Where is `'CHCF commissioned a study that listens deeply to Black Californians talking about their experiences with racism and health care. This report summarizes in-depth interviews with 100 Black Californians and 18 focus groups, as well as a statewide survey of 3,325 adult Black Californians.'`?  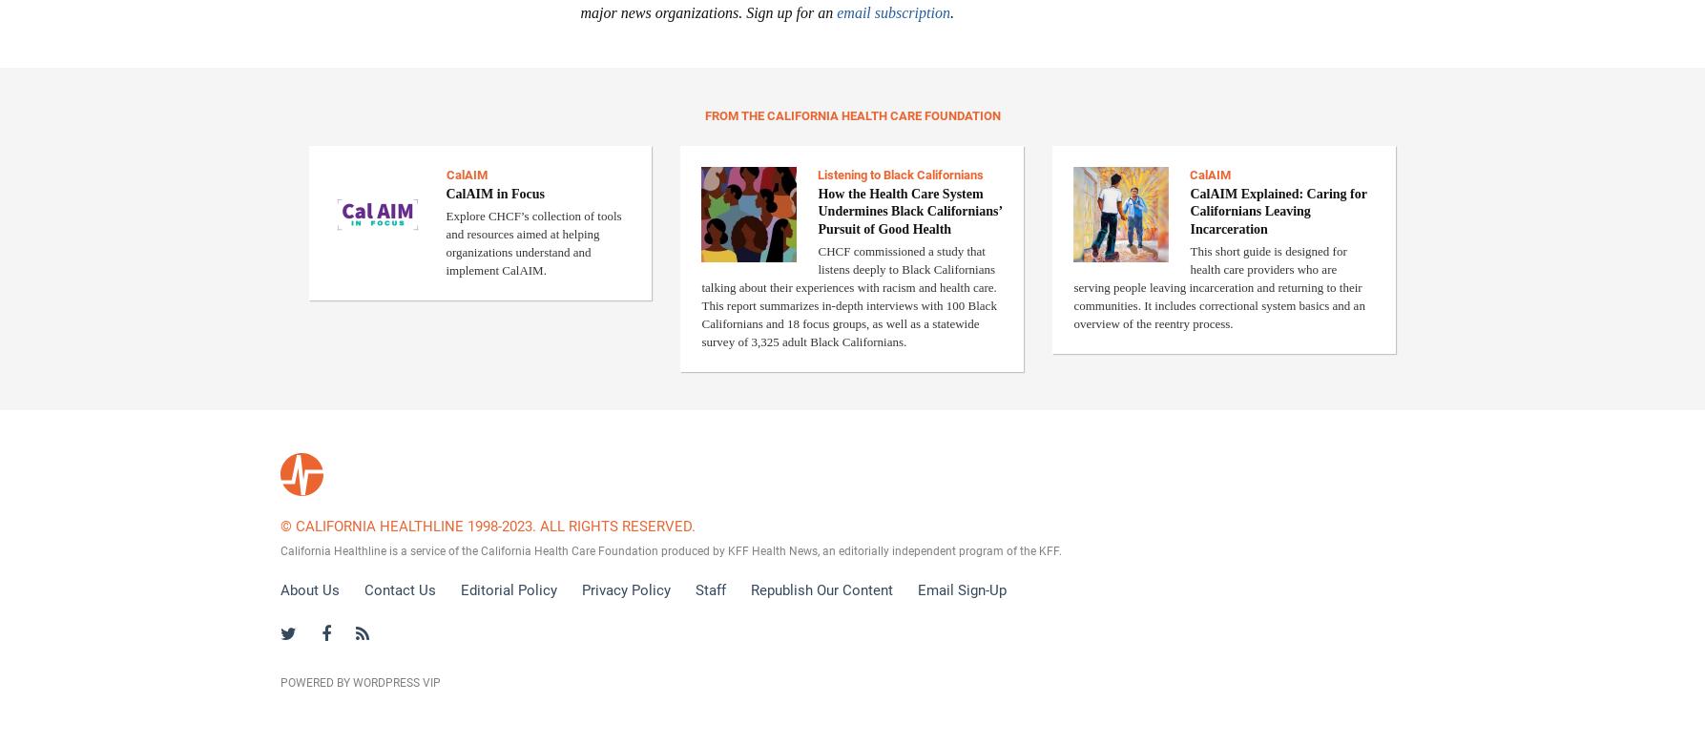
'CHCF commissioned a study that listens deeply to Black Californians talking about their experiences with racism and health care. This report summarizes in-depth interviews with 100 Black Californians and 18 focus groups, as well as a statewide survey of 3,325 adult Black Californians.' is located at coordinates (848, 294).